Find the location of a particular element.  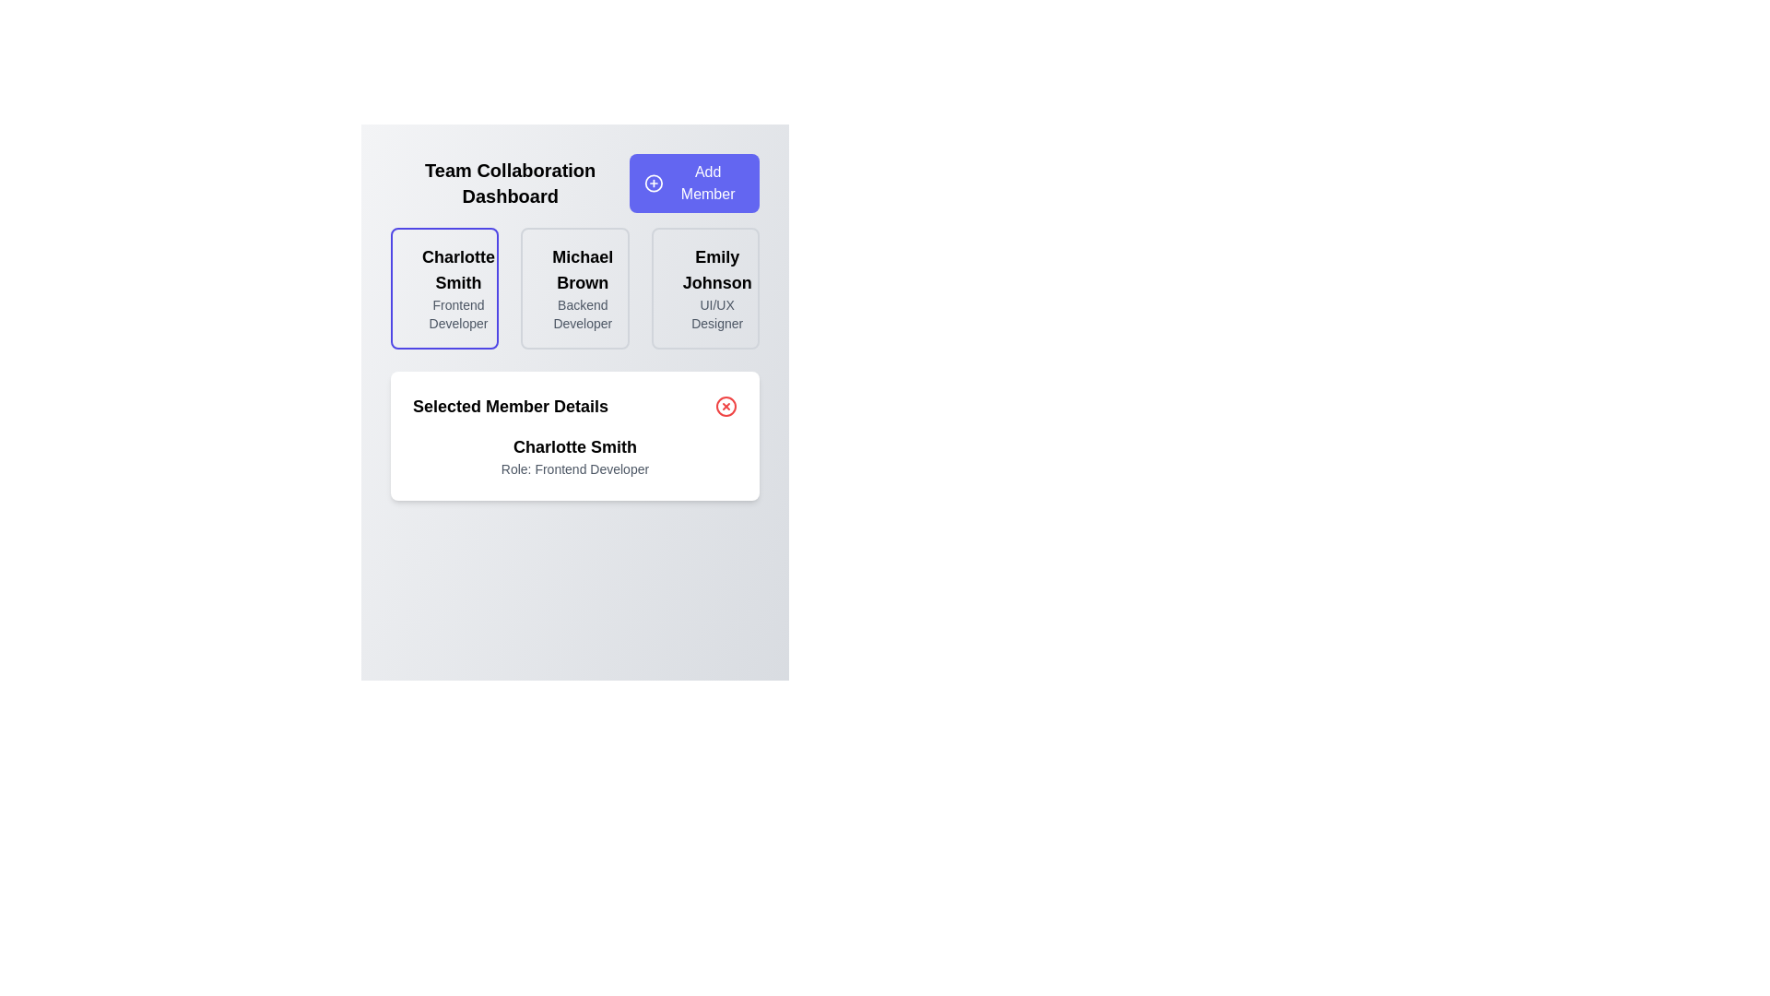

the text label displaying 'Team Collaboration Dashboard', which is the header text in bold and larger size, located at the top-left corner of the interface is located at coordinates (510, 184).